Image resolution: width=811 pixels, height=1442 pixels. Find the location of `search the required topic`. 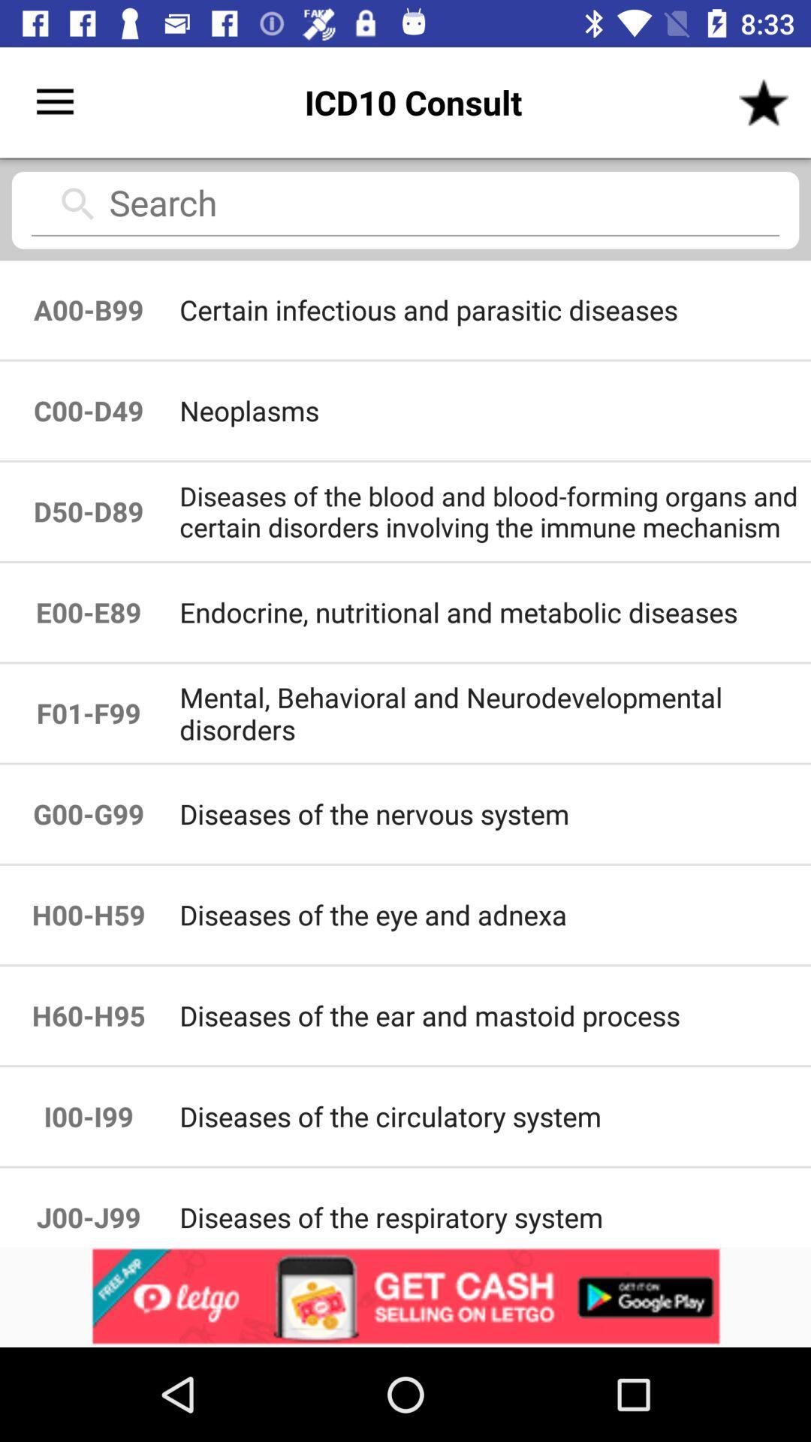

search the required topic is located at coordinates (405, 208).